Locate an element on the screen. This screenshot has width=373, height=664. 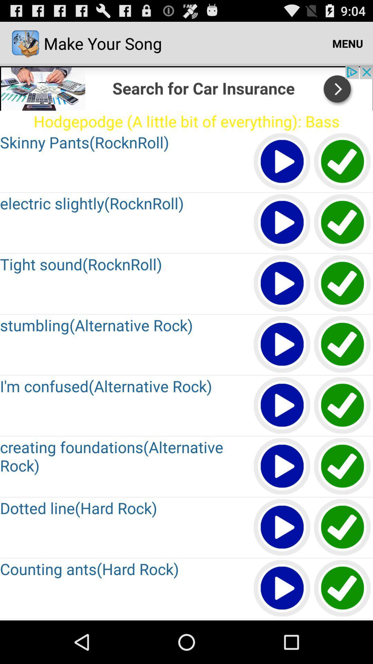
play option is located at coordinates (282, 527).